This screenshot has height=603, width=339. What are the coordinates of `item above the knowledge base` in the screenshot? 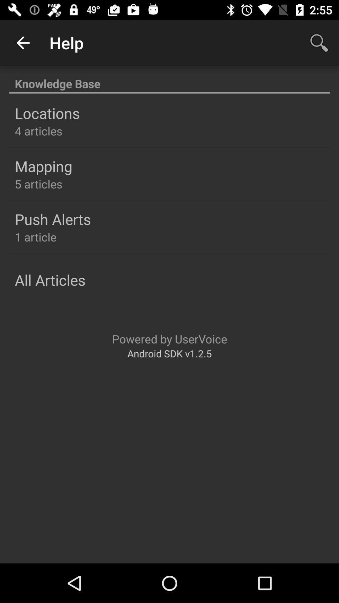 It's located at (23, 42).